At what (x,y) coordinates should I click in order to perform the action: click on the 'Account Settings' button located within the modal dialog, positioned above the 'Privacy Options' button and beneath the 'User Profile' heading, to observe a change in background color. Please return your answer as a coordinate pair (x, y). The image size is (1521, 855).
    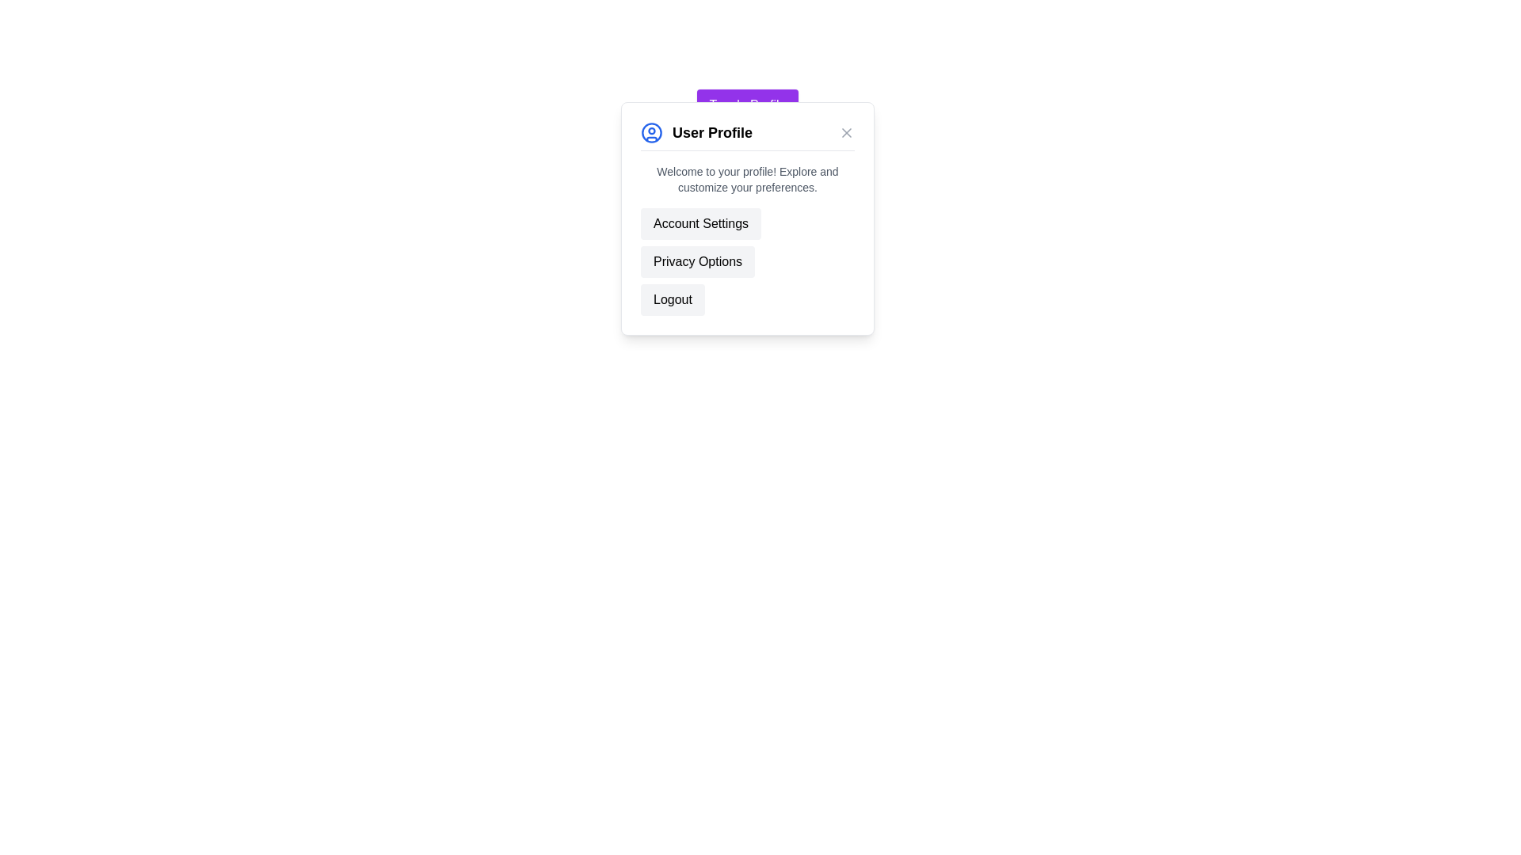
    Looking at the image, I should click on (700, 223).